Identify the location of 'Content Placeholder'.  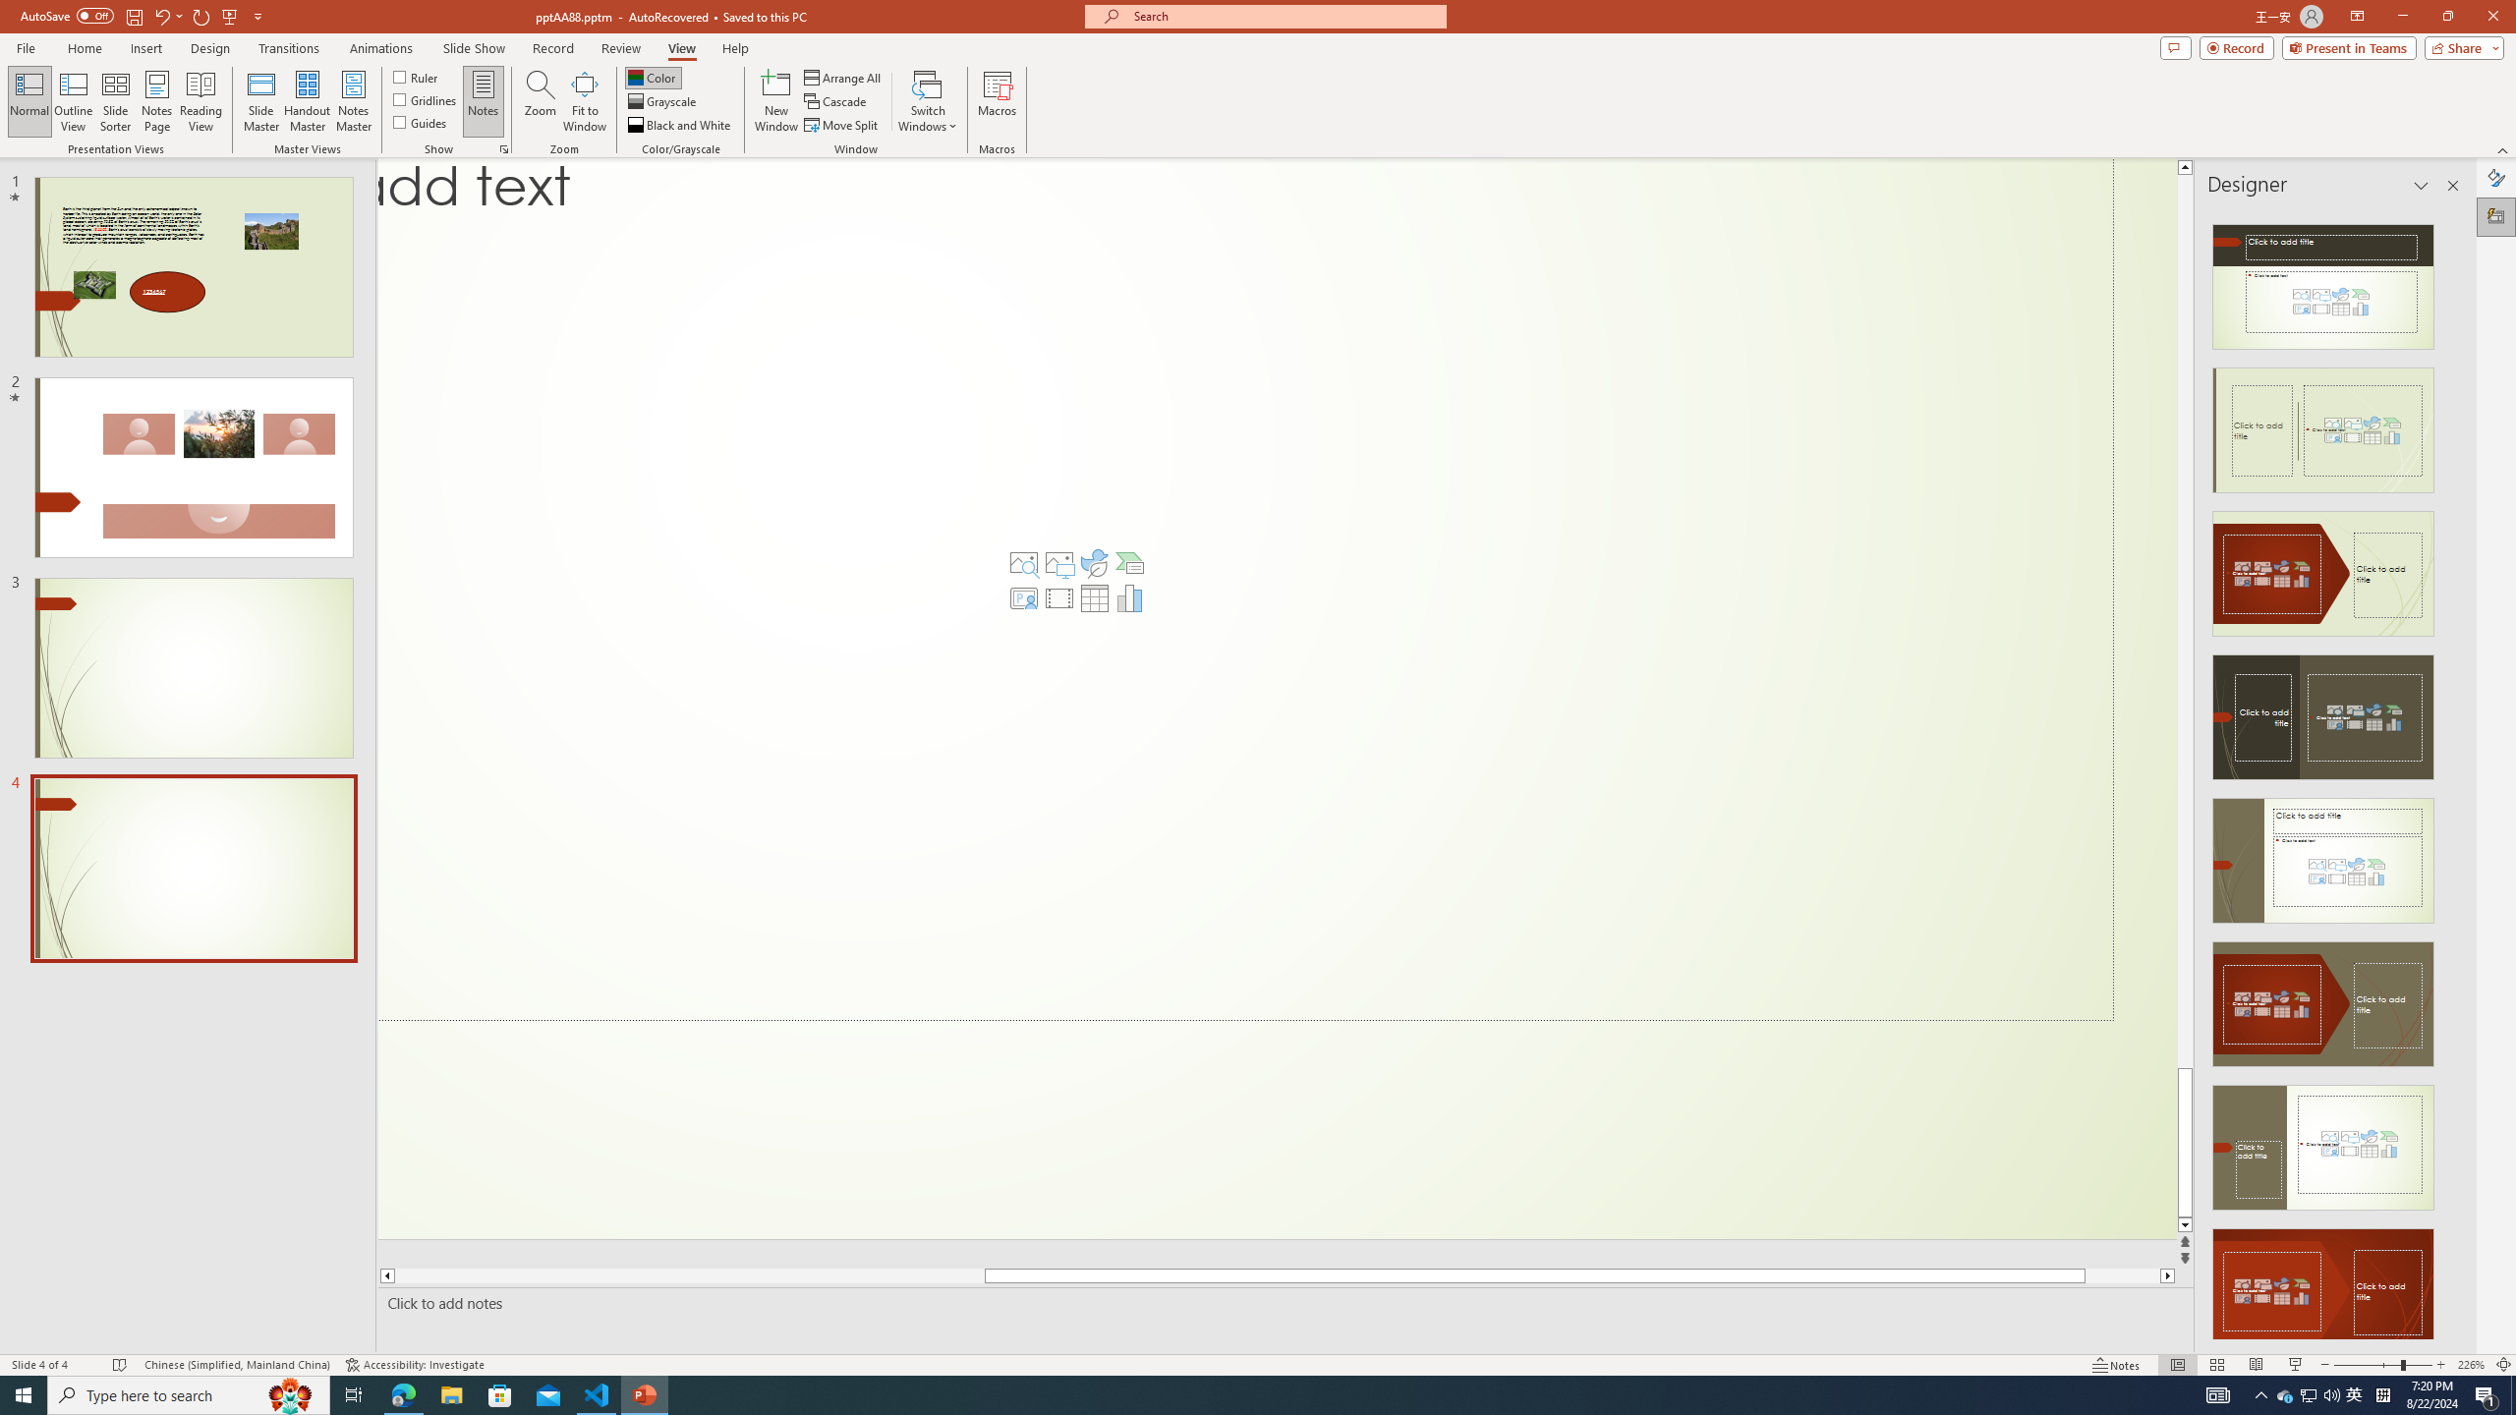
(1245, 590).